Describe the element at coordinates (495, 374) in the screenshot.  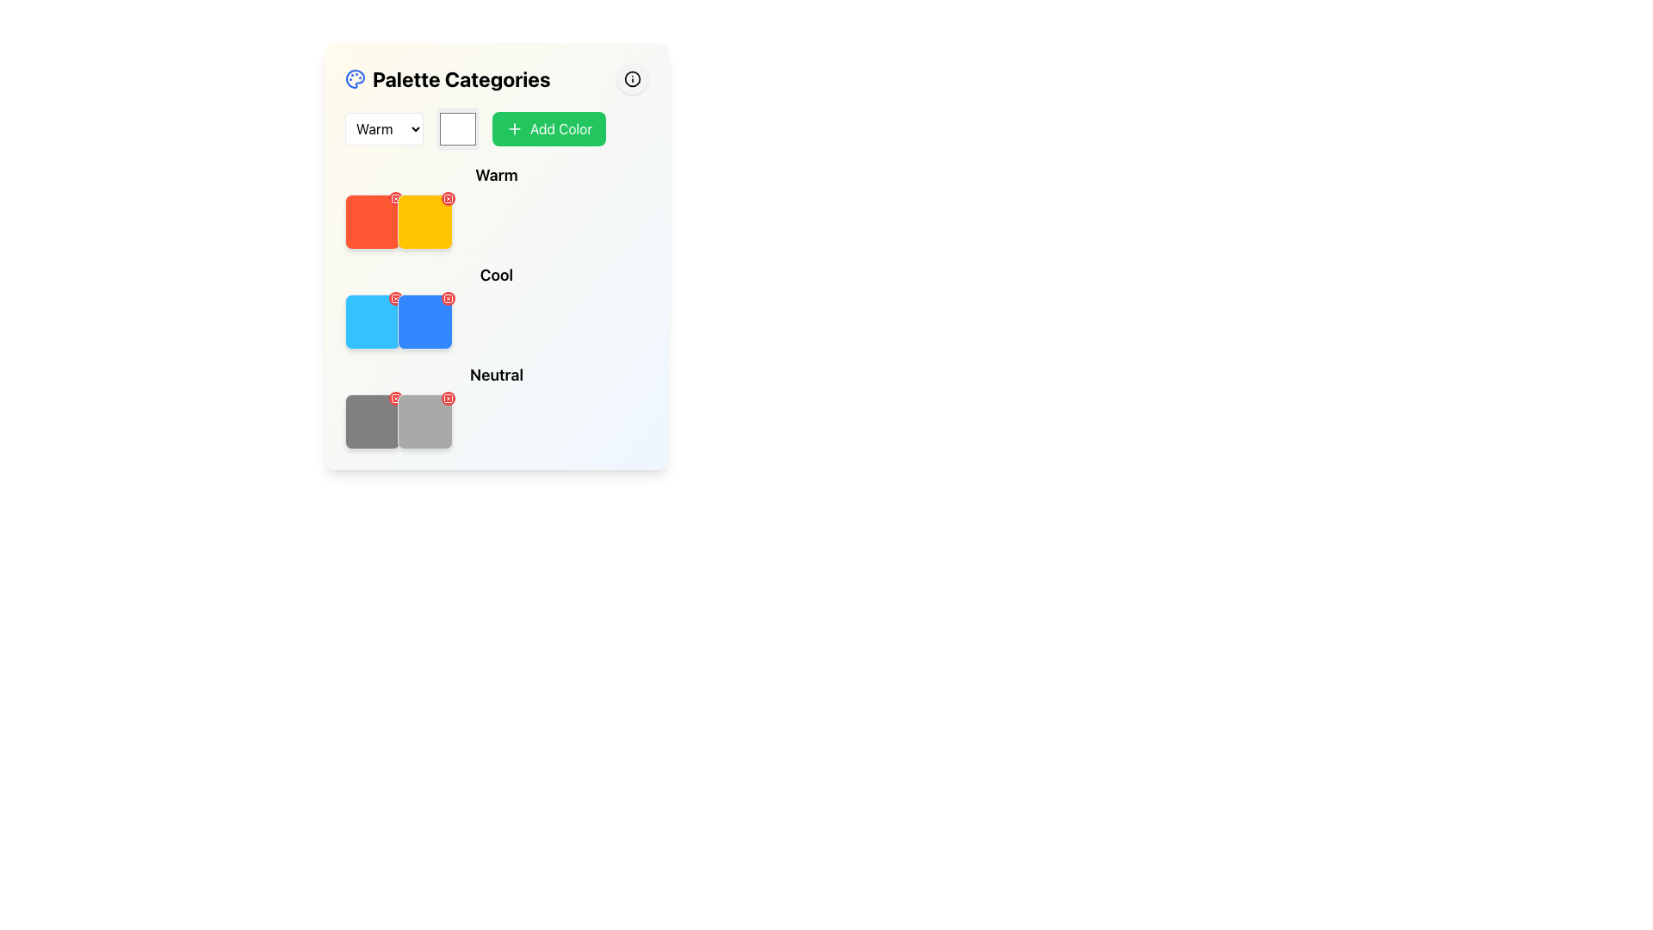
I see `the 'Neutral' Text Label, which is styled in bold and large font, located between the 'Cool' section and a pair of swatches` at that location.